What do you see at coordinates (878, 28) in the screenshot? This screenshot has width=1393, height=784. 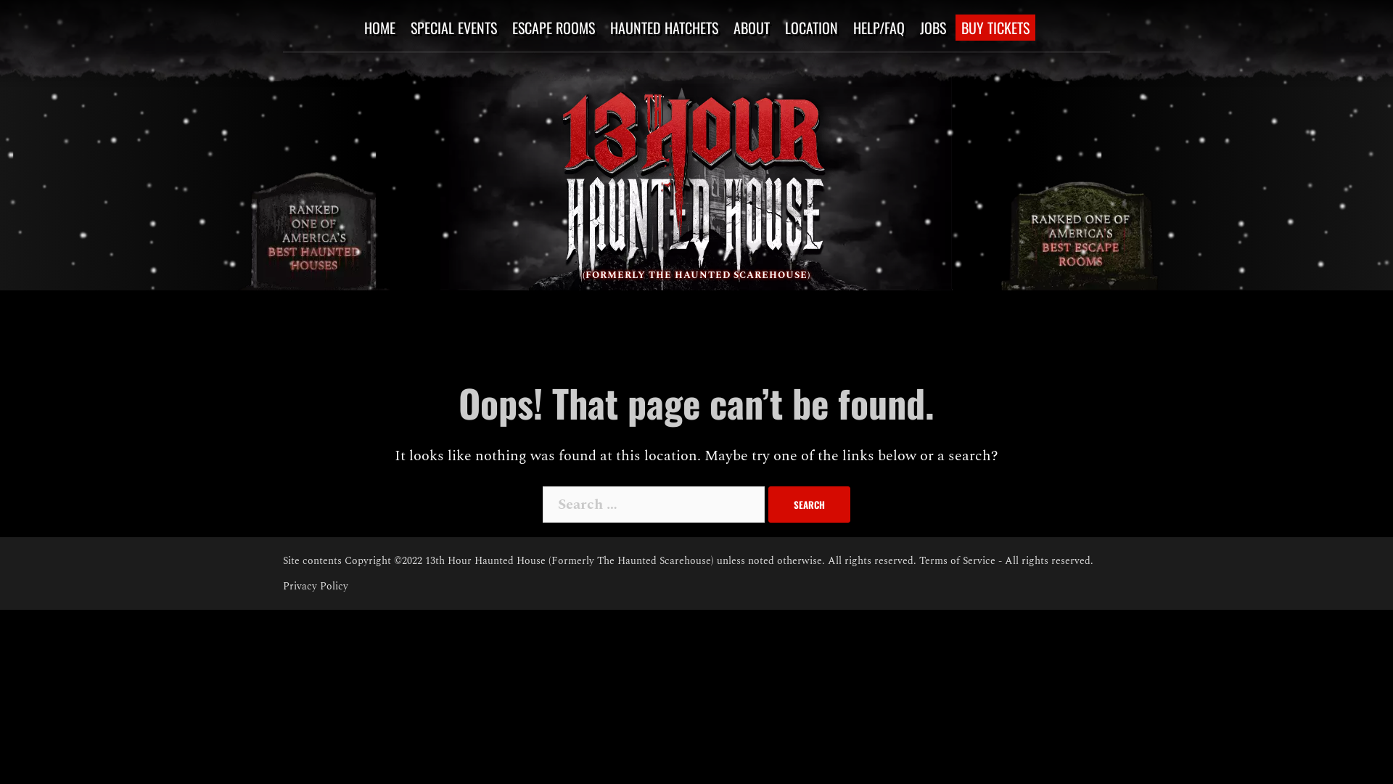 I see `'HELP/FAQ'` at bounding box center [878, 28].